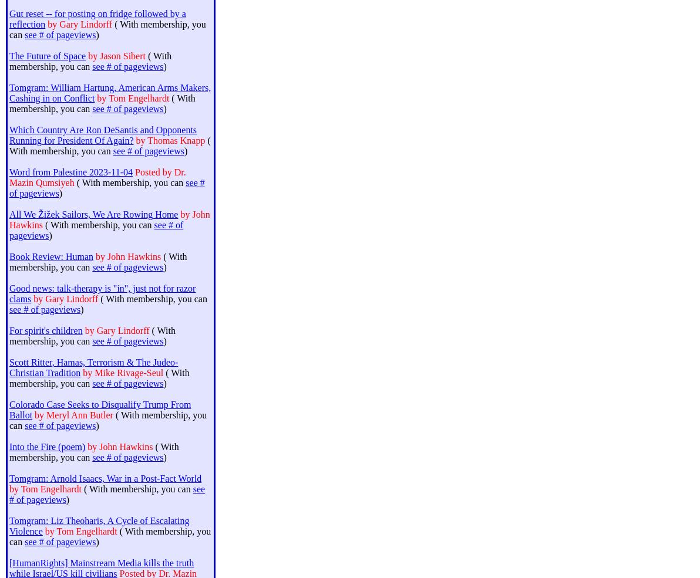 Image resolution: width=700 pixels, height=578 pixels. What do you see at coordinates (116, 55) in the screenshot?
I see `'by Jason Sibert'` at bounding box center [116, 55].